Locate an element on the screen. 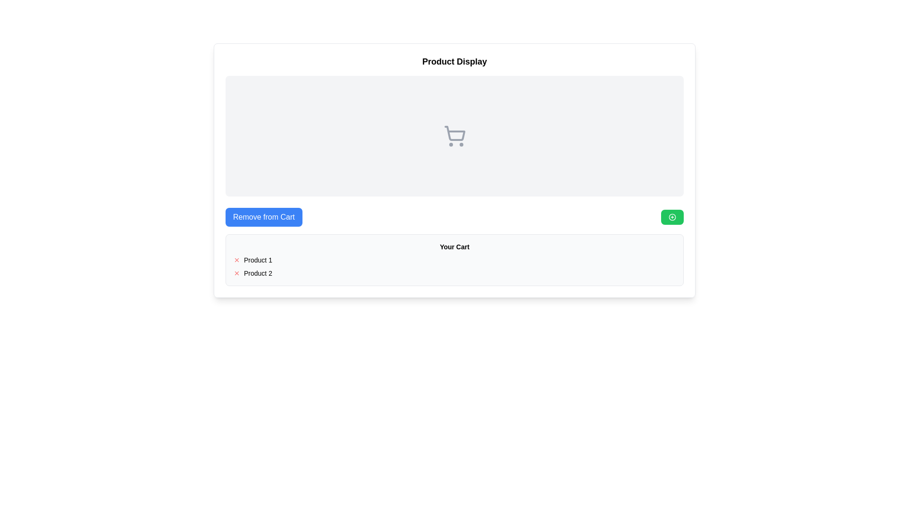 The height and width of the screenshot is (509, 906). the circle component that represents the 'plus' sign icon located to the right of the 'Remove from Cart' button in the top-right corner of the cart section is located at coordinates (672, 217).